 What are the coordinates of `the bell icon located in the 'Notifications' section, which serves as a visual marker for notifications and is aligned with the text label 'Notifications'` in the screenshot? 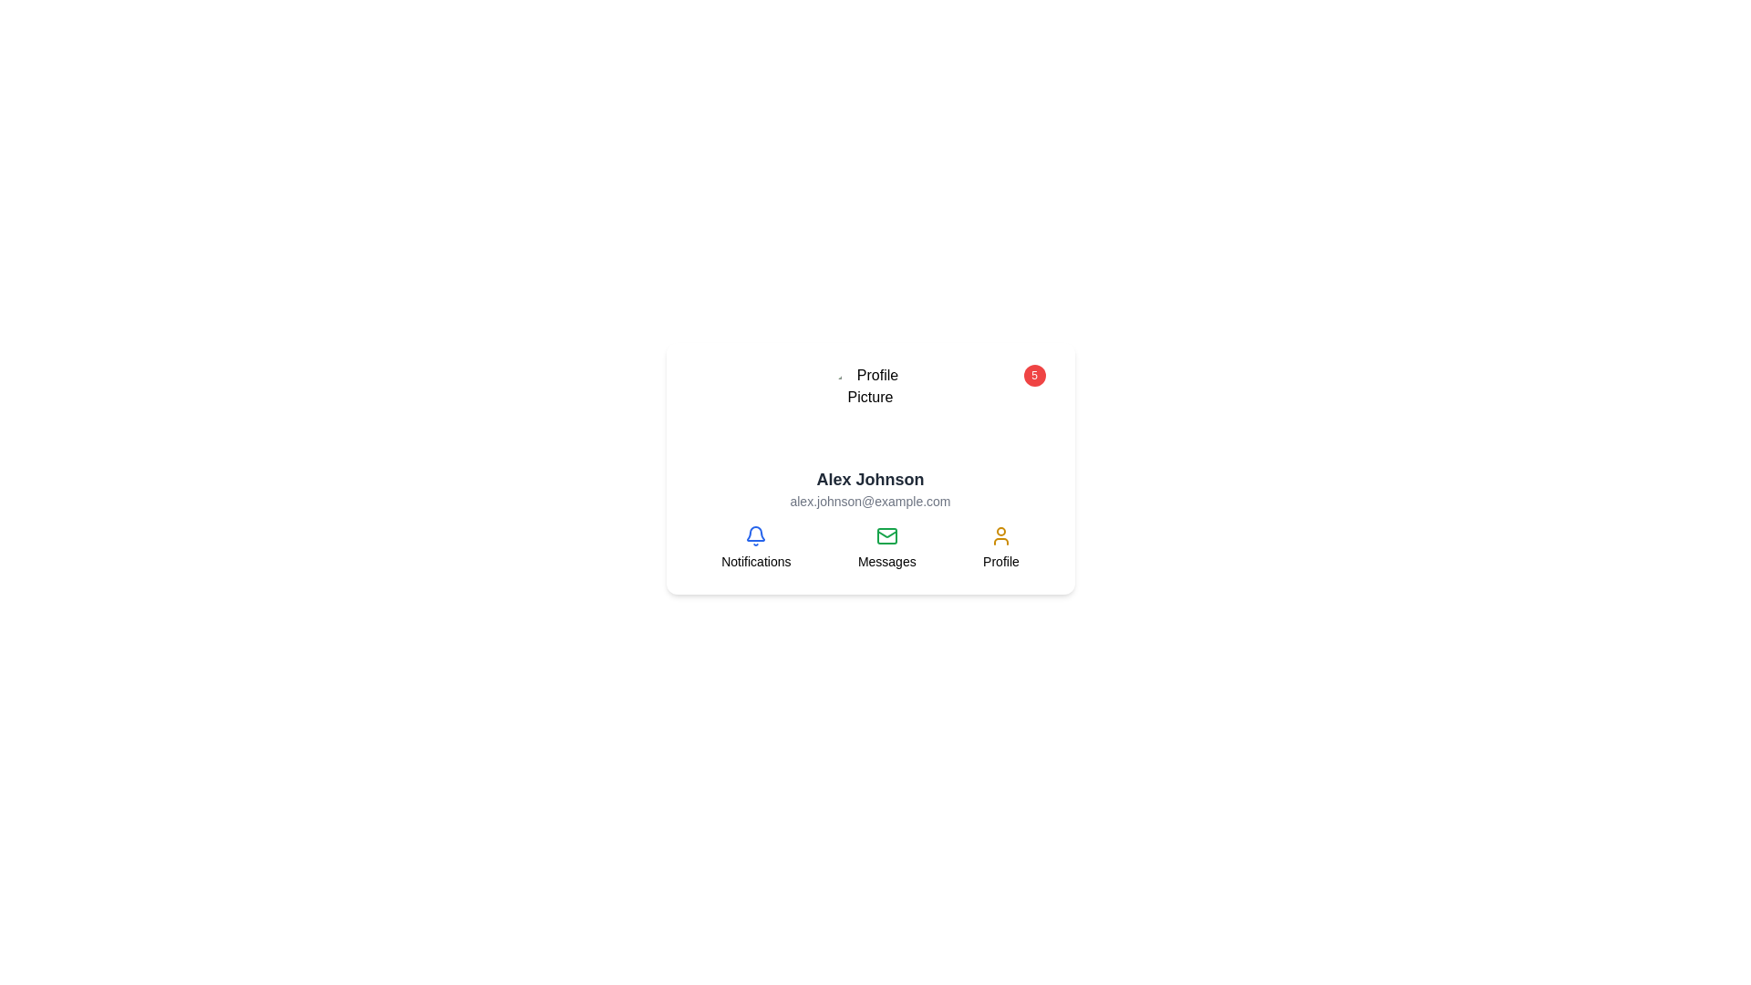 It's located at (756, 534).